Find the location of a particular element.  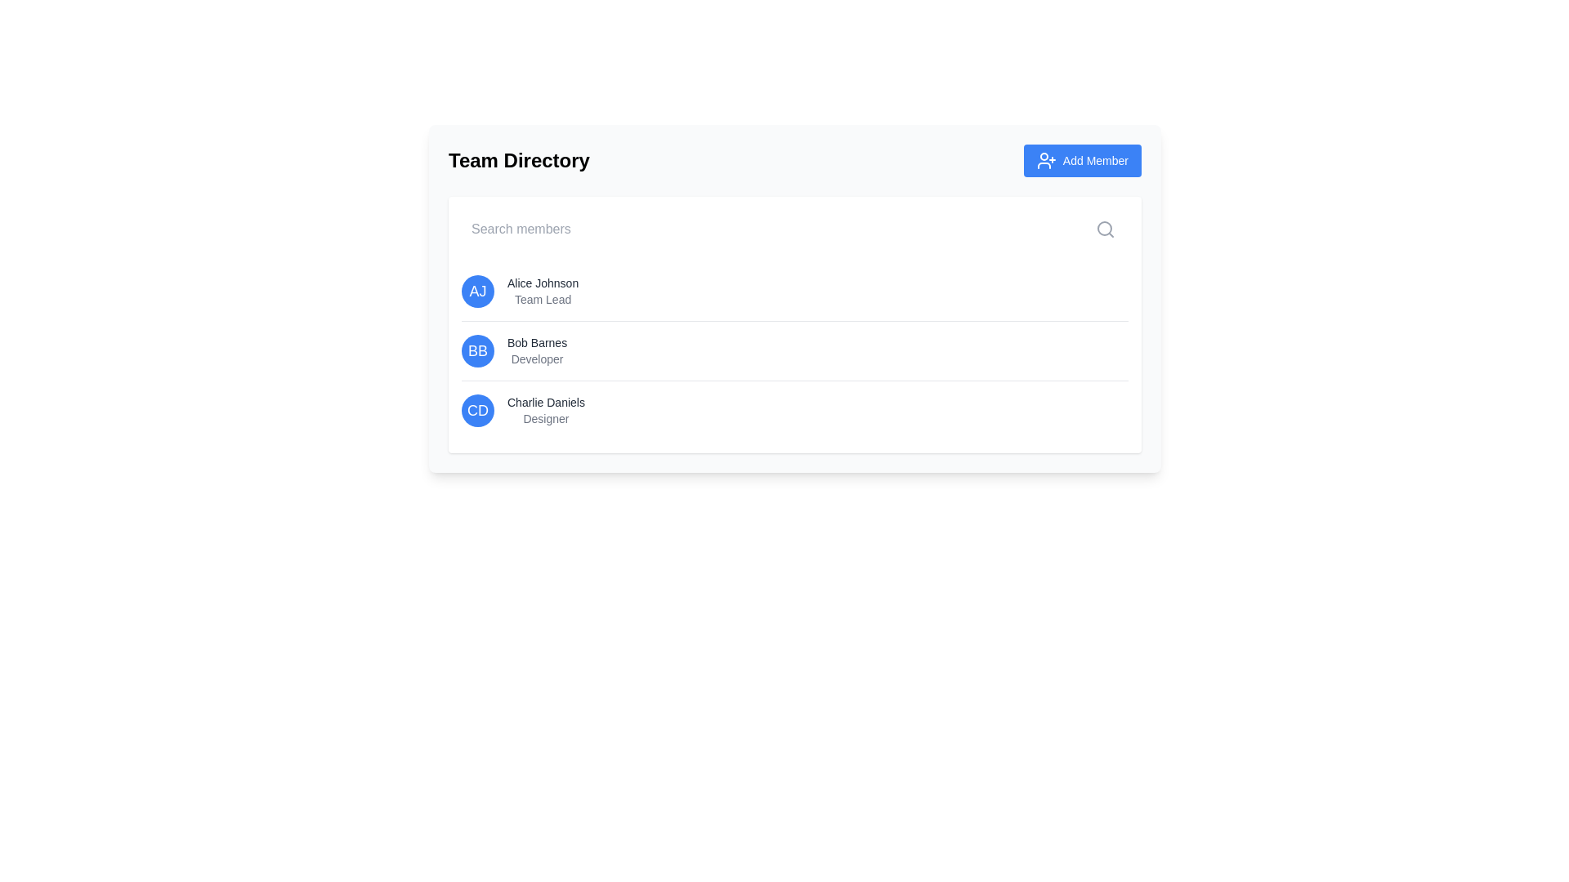

the Header text that indicates the purpose of the directory for team members, located at the top-left corner of the section is located at coordinates (518, 160).